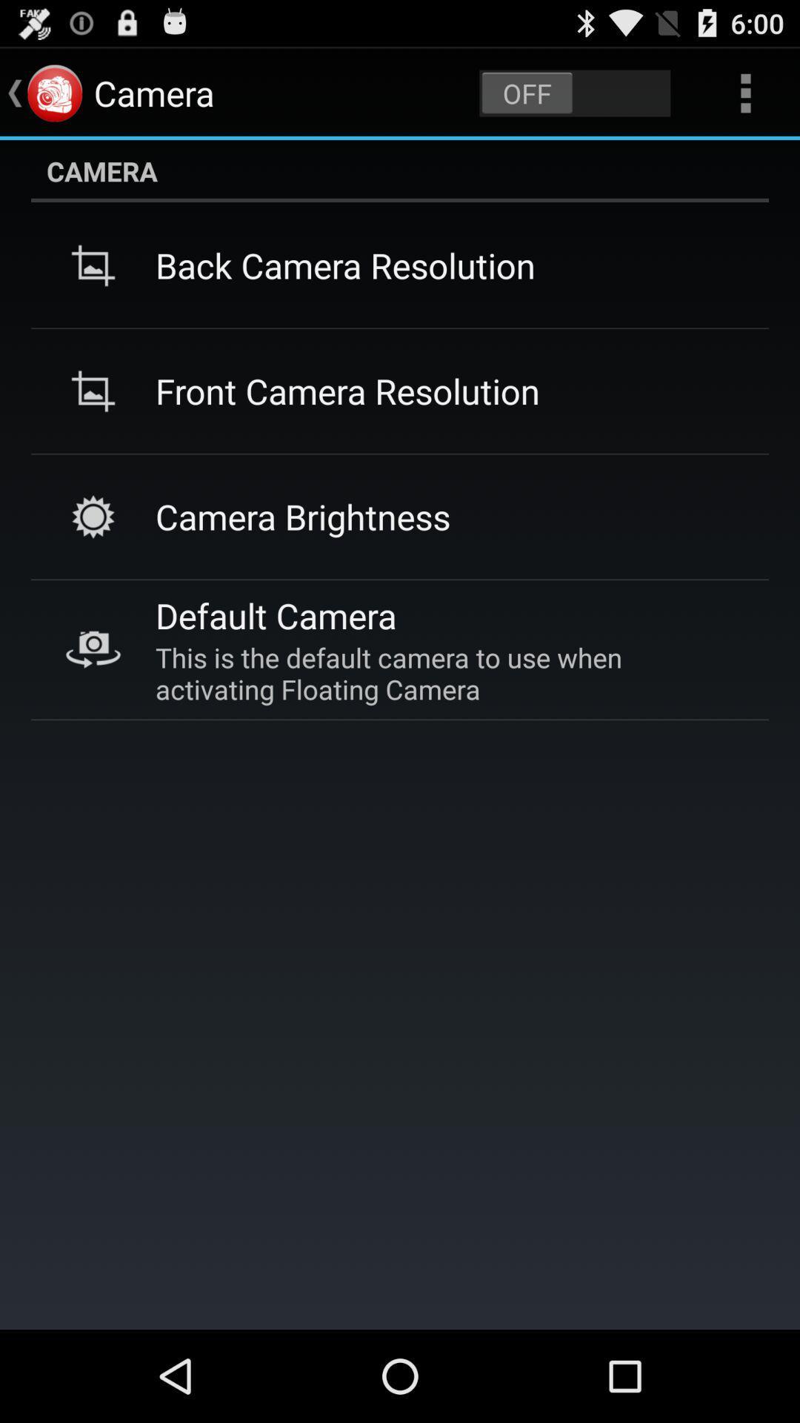 This screenshot has height=1423, width=800. I want to click on the this is the app, so click(444, 672).